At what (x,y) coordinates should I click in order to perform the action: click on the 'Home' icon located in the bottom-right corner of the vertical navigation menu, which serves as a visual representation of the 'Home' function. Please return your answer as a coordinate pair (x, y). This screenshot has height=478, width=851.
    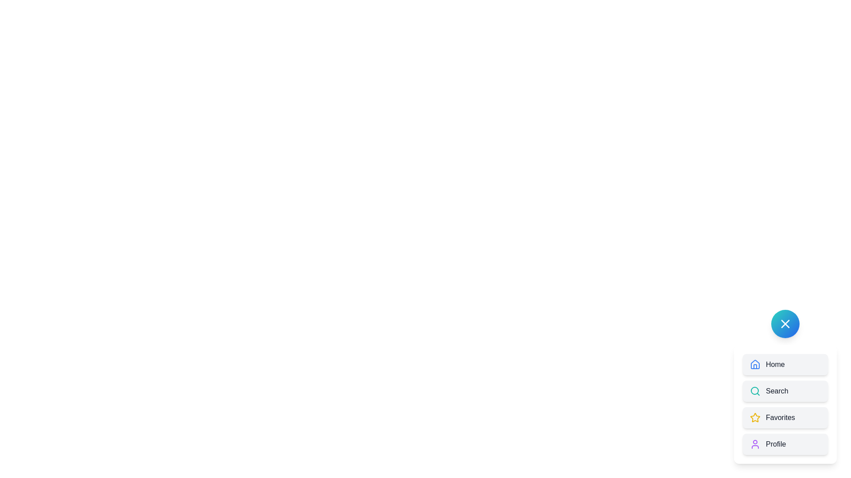
    Looking at the image, I should click on (755, 365).